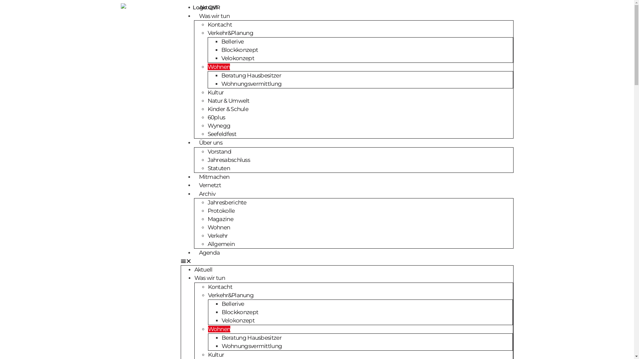  What do you see at coordinates (220, 219) in the screenshot?
I see `'Magazine'` at bounding box center [220, 219].